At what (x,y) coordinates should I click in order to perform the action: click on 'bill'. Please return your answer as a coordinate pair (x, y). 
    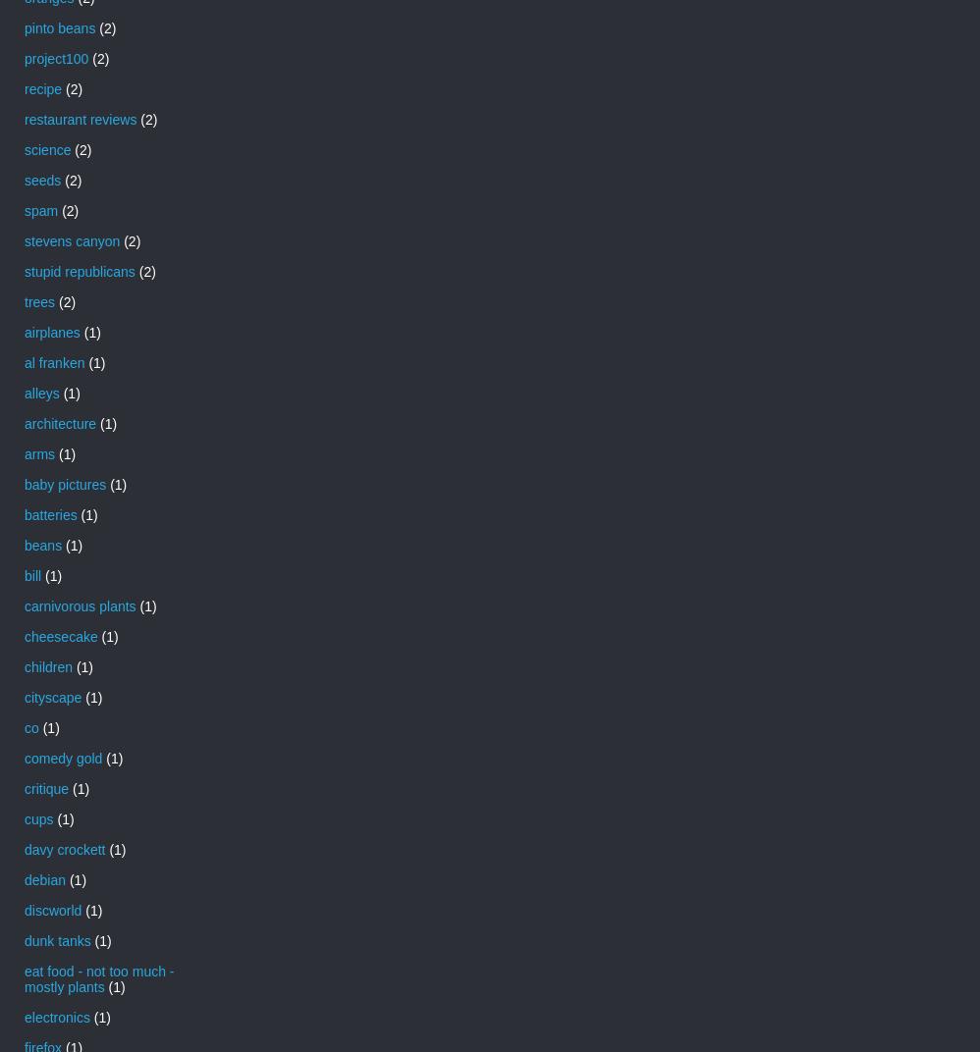
    Looking at the image, I should click on (32, 573).